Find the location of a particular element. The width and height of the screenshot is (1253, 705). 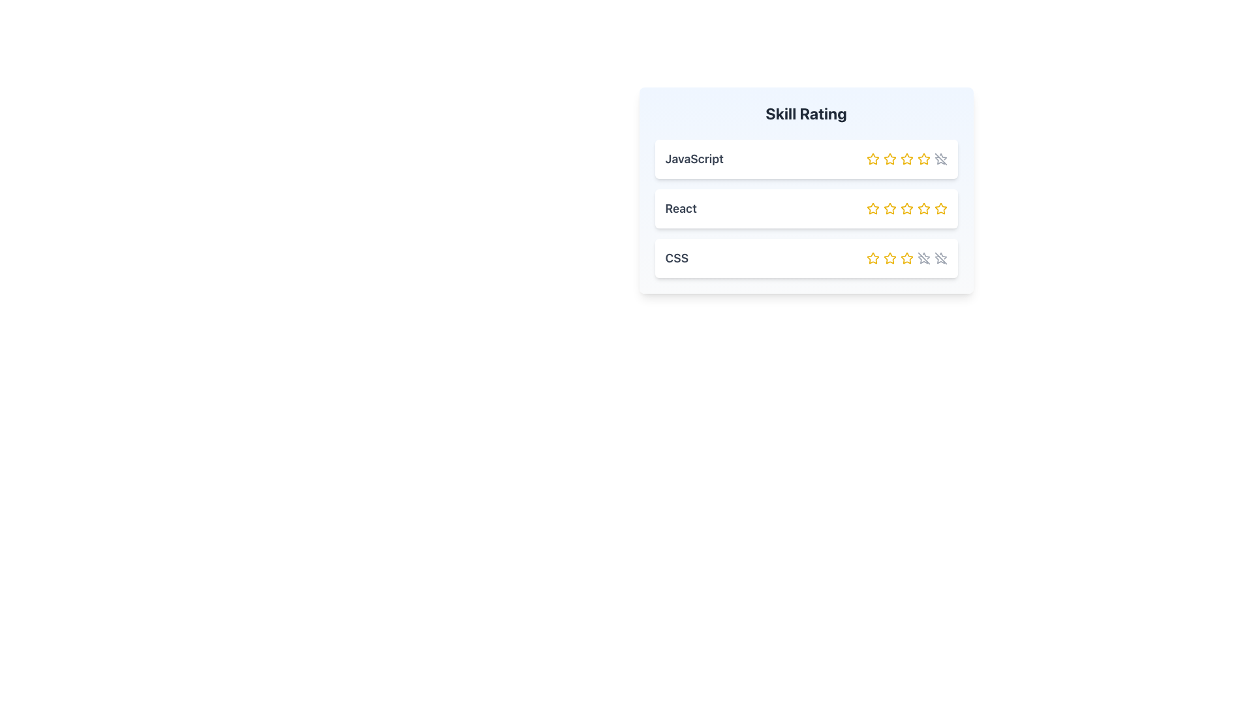

the third star in the rating system for the CSS skill to rate it is located at coordinates (921, 260).